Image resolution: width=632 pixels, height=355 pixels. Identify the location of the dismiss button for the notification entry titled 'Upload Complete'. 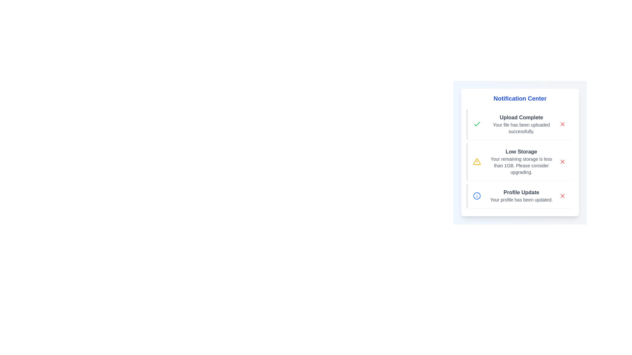
(562, 124).